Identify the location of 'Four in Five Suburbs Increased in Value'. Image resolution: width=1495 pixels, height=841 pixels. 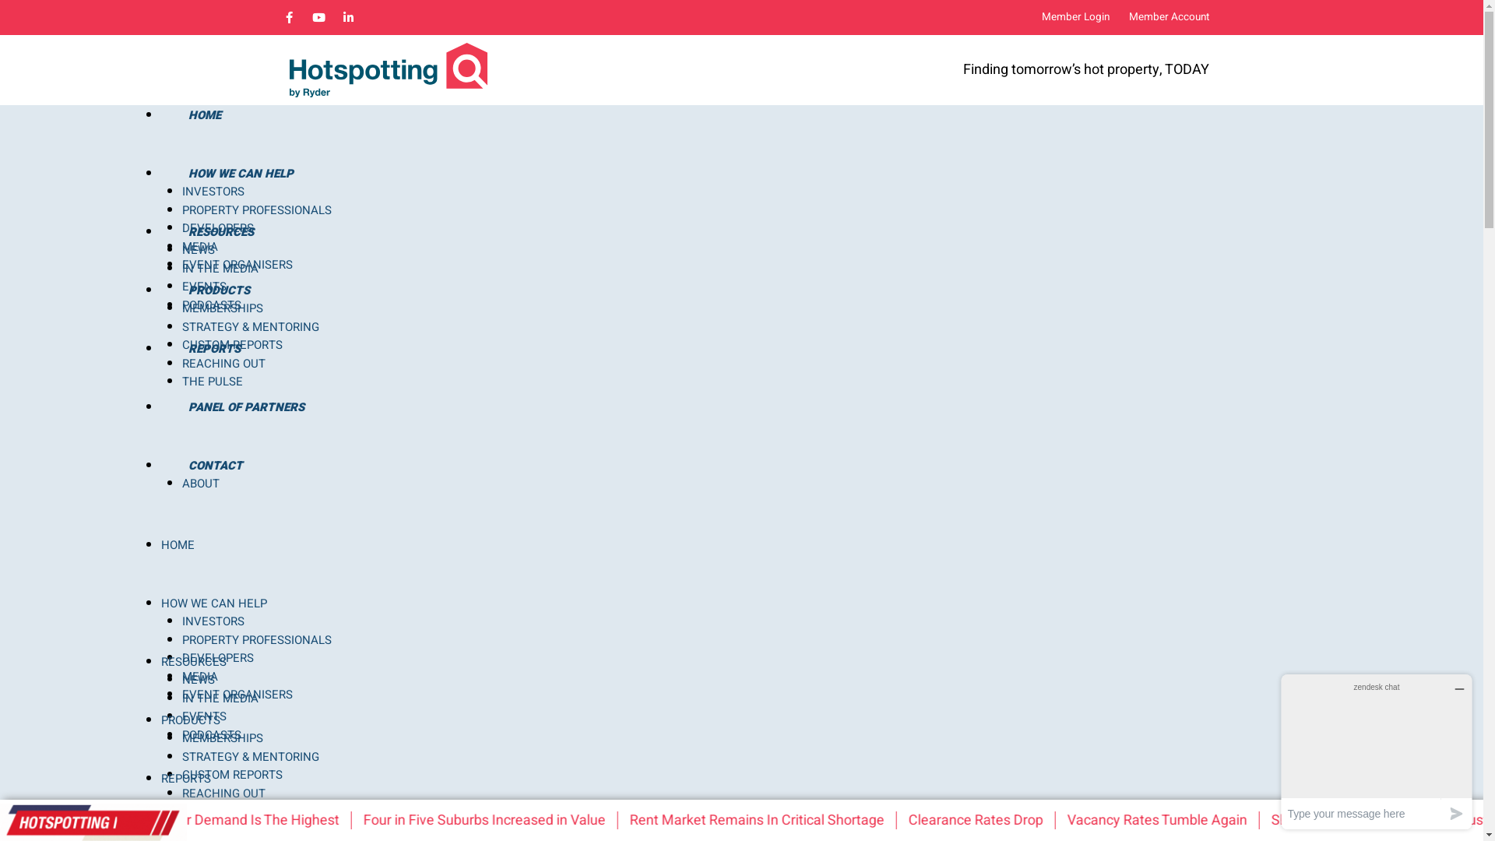
(382, 819).